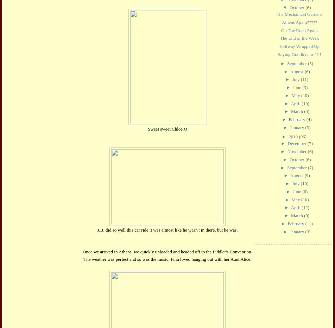  Describe the element at coordinates (167, 230) in the screenshot. I see `'J.B. did so well this car ride it was almost like he wasn't in there, but he was.'` at that location.